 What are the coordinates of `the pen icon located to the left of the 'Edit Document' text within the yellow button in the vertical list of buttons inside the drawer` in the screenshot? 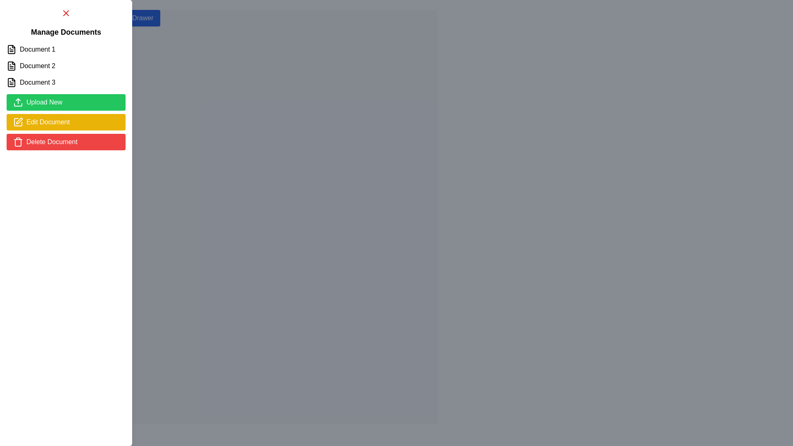 It's located at (18, 122).